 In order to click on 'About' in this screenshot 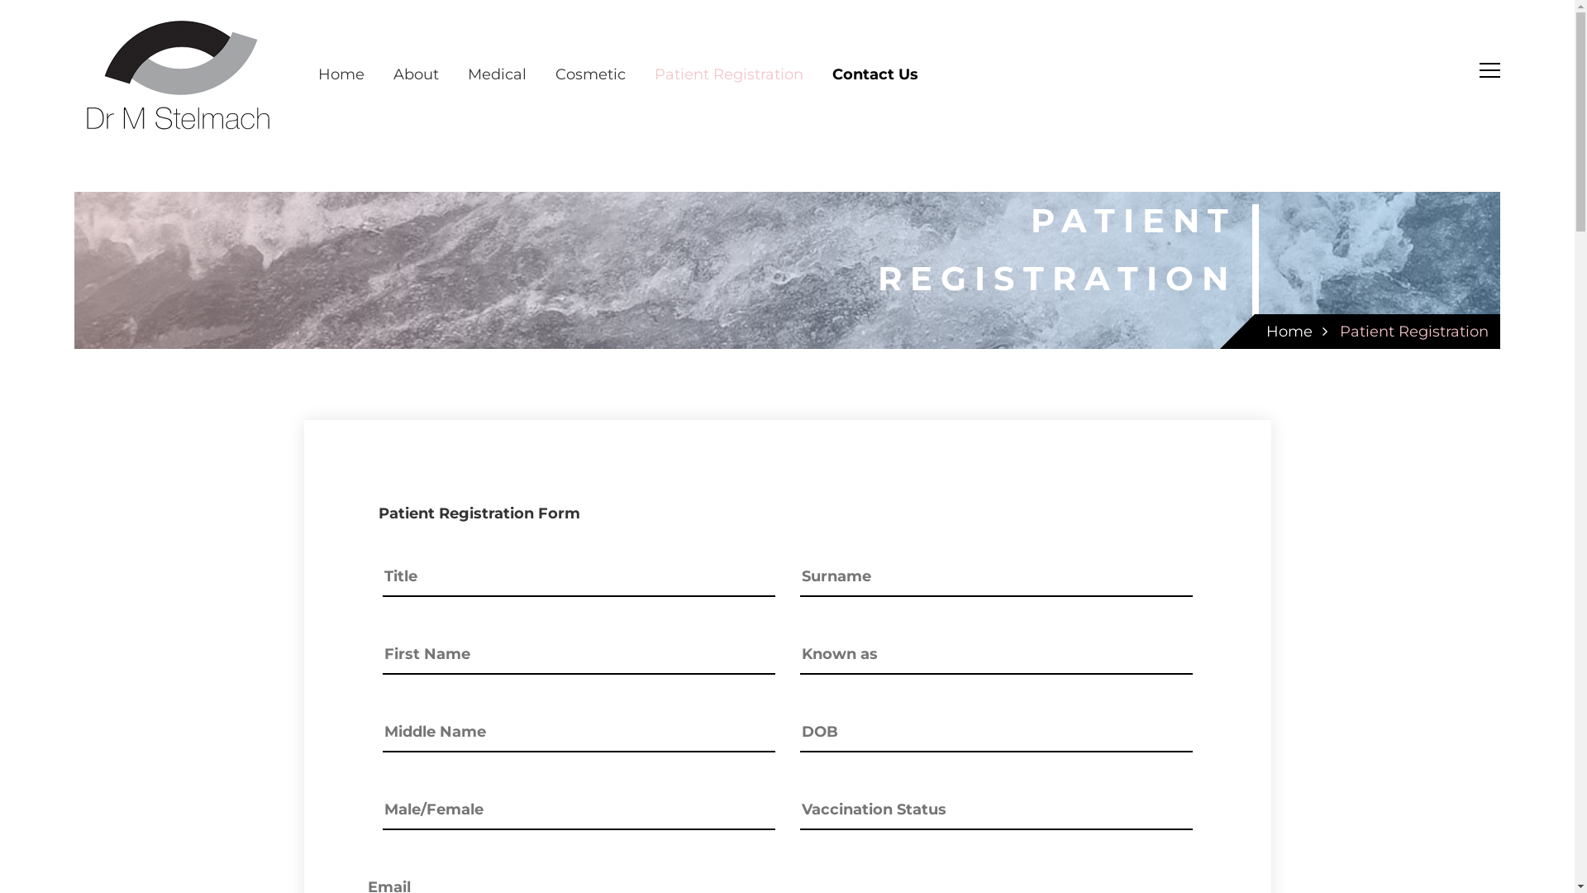, I will do `click(416, 73)`.